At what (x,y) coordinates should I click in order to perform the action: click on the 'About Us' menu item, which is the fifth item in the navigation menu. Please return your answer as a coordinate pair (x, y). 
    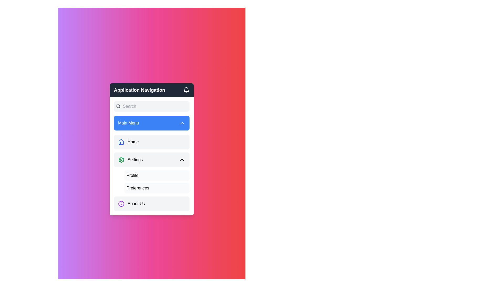
    Looking at the image, I should click on (151, 204).